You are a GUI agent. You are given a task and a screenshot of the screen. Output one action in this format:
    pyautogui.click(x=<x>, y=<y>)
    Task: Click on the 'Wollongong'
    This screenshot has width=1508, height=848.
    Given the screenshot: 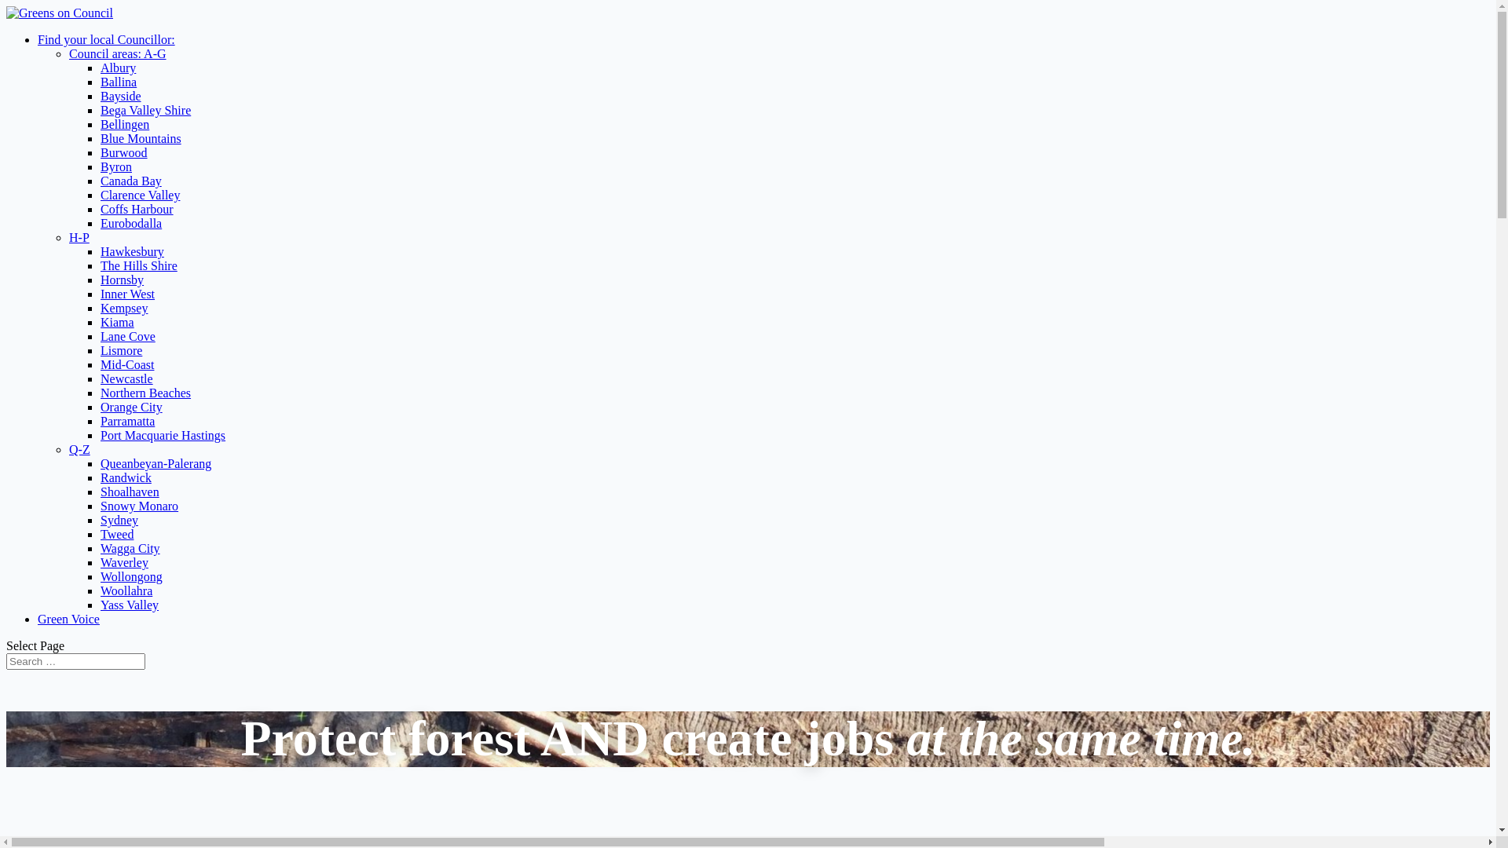 What is the action you would take?
    pyautogui.click(x=131, y=576)
    